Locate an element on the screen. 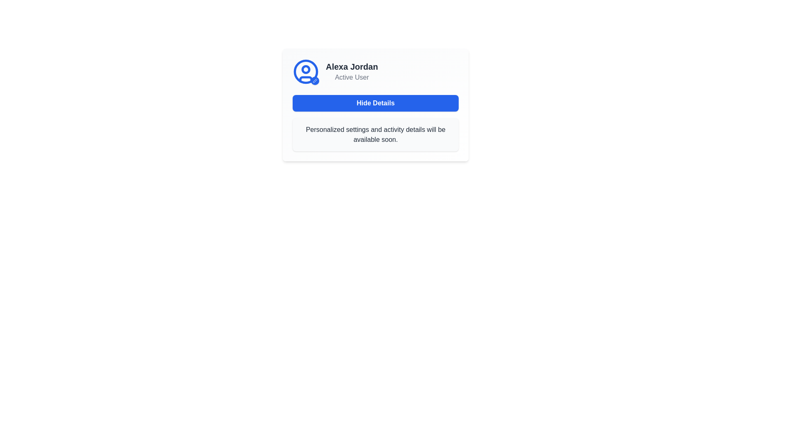 This screenshot has width=797, height=448. the 'Hide Details' button located within the Profile Summary Card that displays key user details and allows for additional interaction is located at coordinates (375, 105).